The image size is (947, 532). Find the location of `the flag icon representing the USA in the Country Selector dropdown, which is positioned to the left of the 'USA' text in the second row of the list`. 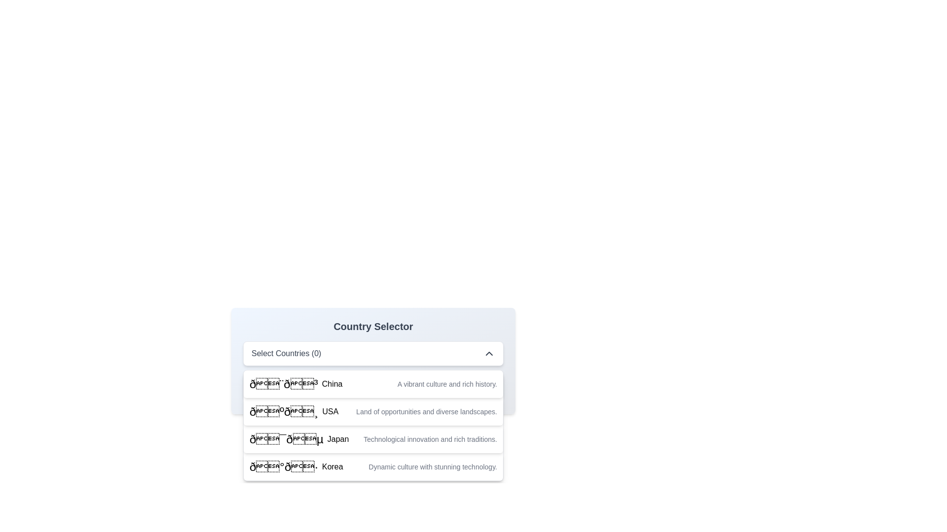

the flag icon representing the USA in the Country Selector dropdown, which is positioned to the left of the 'USA' text in the second row of the list is located at coordinates (283, 412).